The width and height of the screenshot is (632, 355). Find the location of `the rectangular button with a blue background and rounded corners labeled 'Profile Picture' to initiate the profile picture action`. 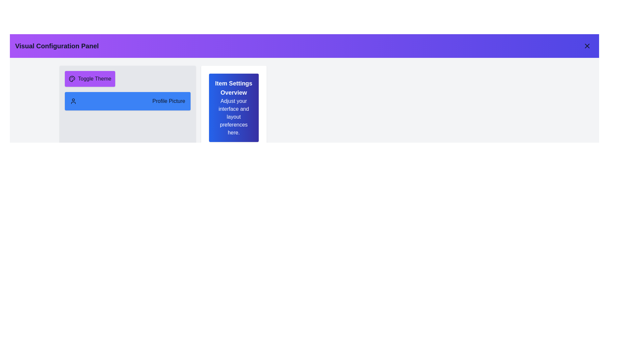

the rectangular button with a blue background and rounded corners labeled 'Profile Picture' to initiate the profile picture action is located at coordinates (127, 107).